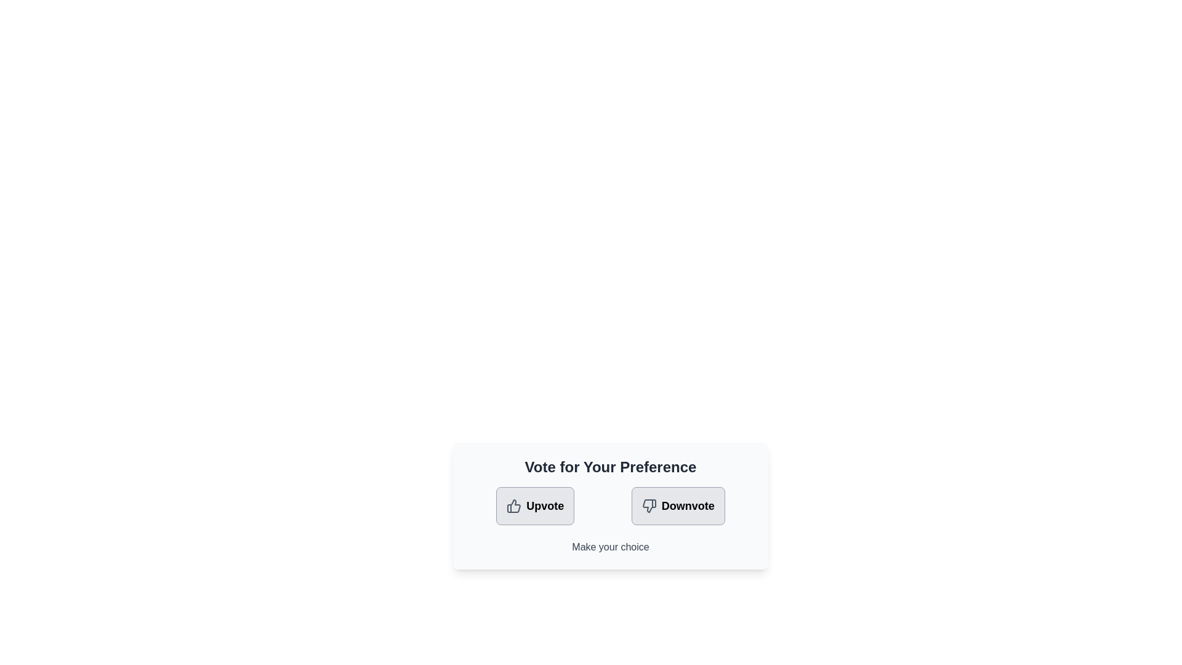  Describe the element at coordinates (514, 506) in the screenshot. I see `the thumbs-up icon associated with the 'Upvote' button, which is located on the left side of the two-button layout` at that location.